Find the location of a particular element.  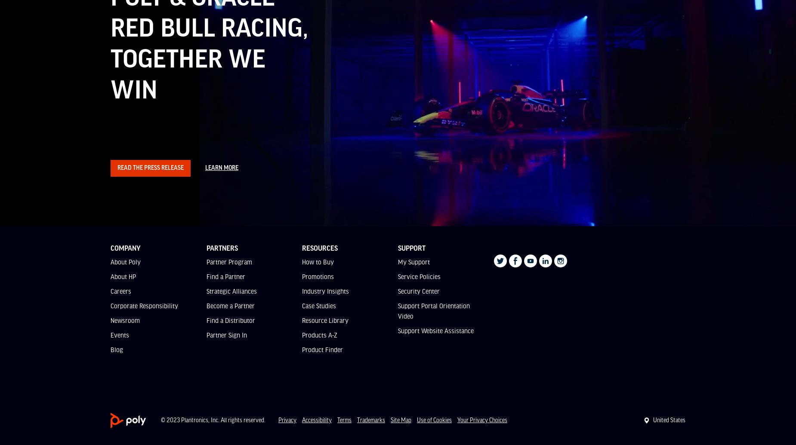

'Newsroom' is located at coordinates (125, 319).